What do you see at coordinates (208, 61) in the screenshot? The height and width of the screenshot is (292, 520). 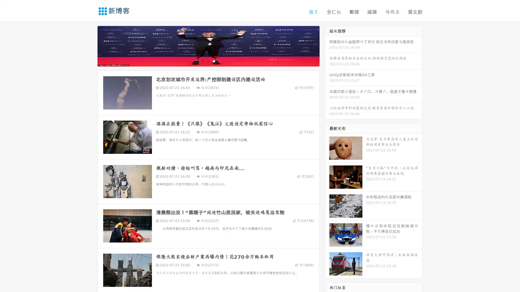 I see `Go to slide 2` at bounding box center [208, 61].